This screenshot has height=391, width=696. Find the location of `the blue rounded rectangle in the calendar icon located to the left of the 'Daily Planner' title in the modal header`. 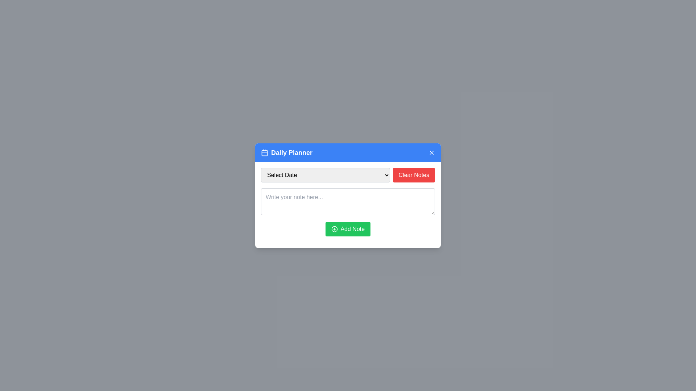

the blue rounded rectangle in the calendar icon located to the left of the 'Daily Planner' title in the modal header is located at coordinates (264, 152).